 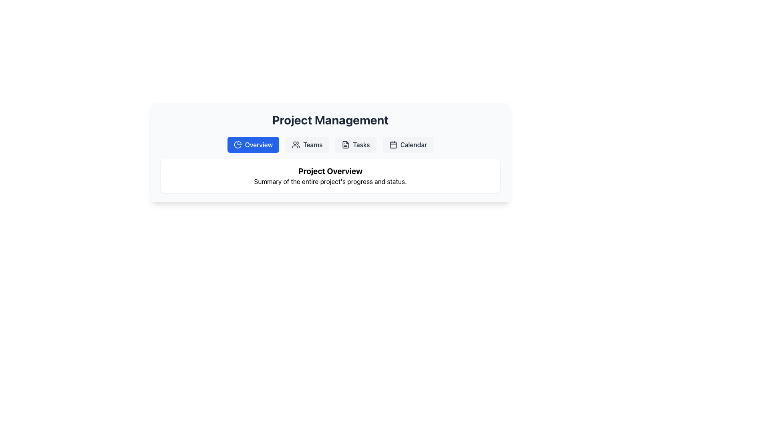 I want to click on the 'Teams' button containing the SVG icon representing a group of two individuals, located in the navigation bar under 'Project Management.', so click(x=296, y=145).